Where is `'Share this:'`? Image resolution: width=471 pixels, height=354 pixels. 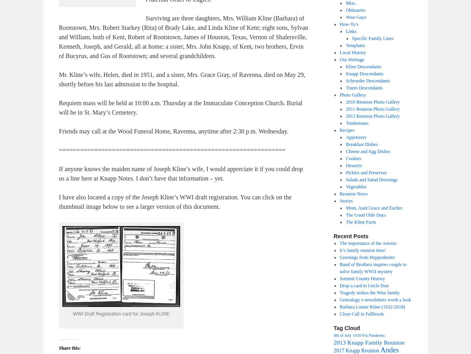 'Share this:' is located at coordinates (69, 348).